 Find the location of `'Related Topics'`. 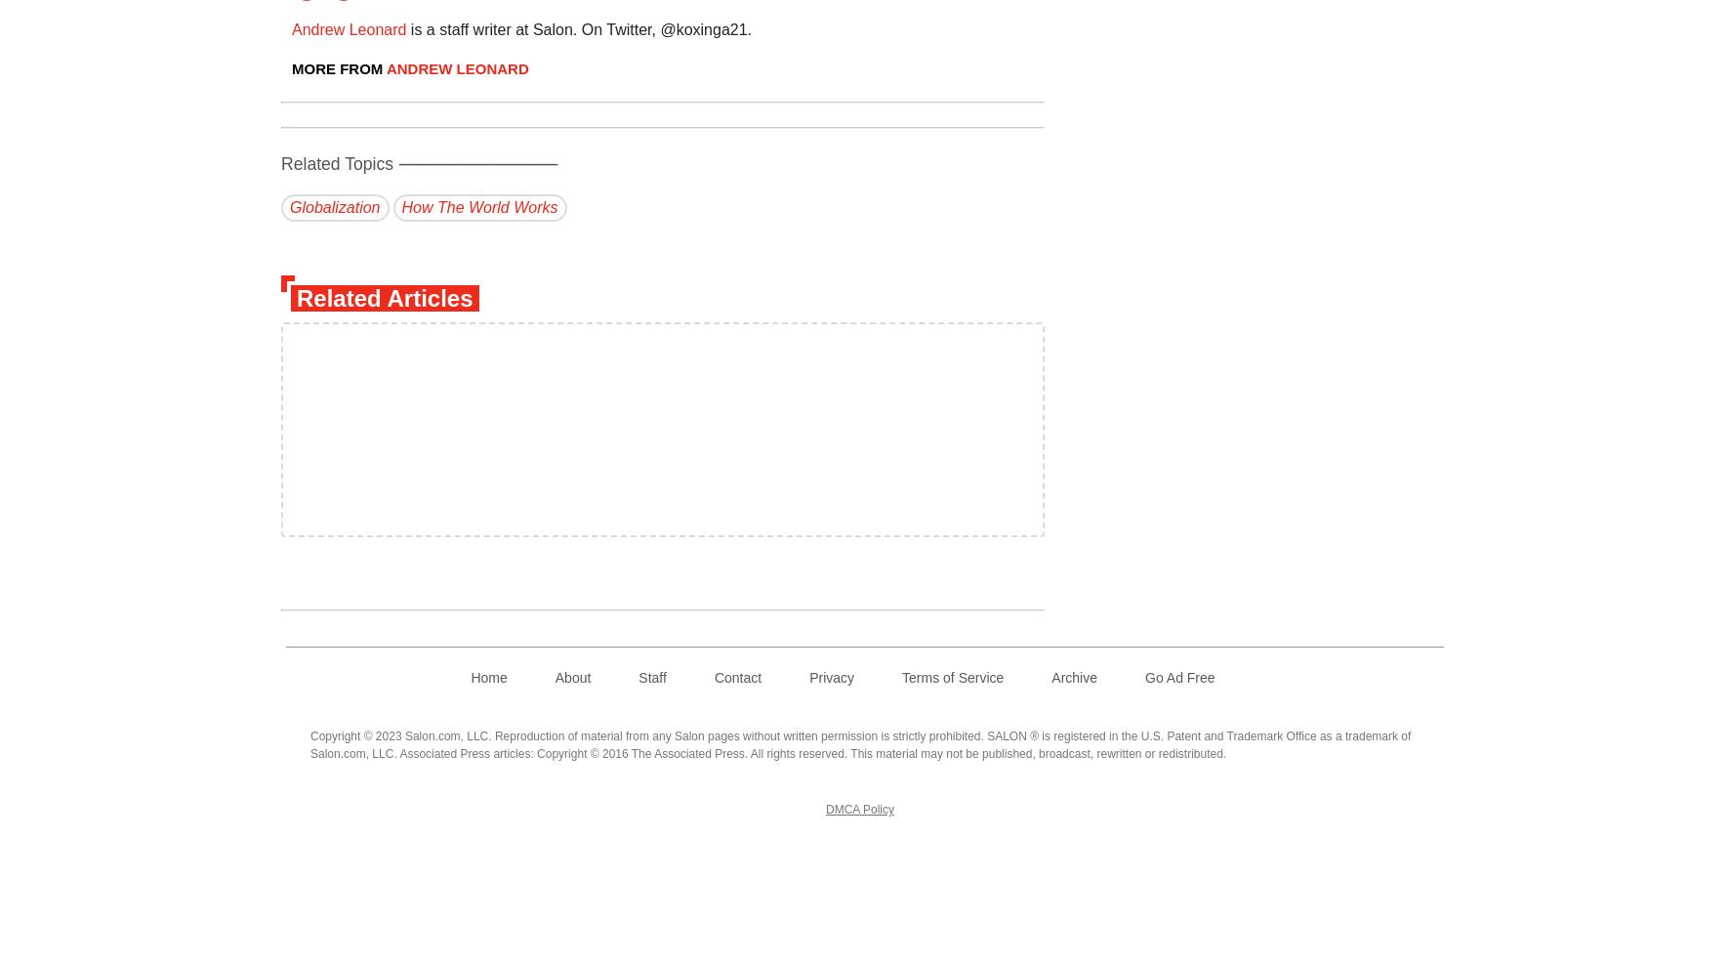

'Related Topics' is located at coordinates (339, 162).